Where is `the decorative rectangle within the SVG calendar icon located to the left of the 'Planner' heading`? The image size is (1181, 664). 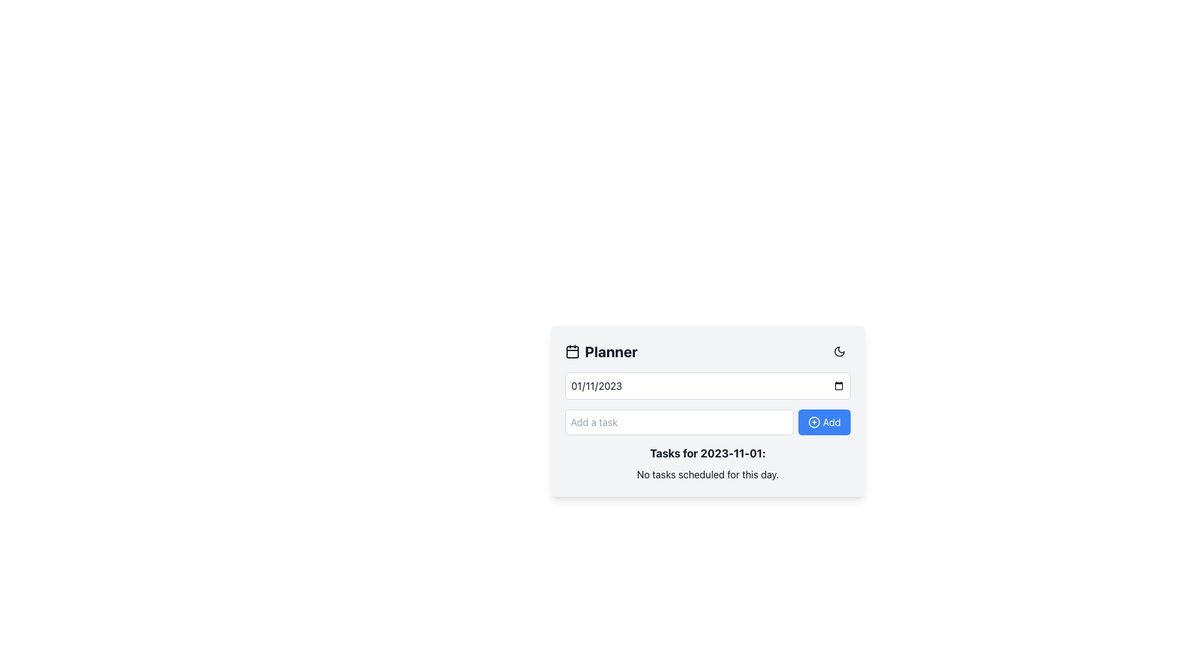 the decorative rectangle within the SVG calendar icon located to the left of the 'Planner' heading is located at coordinates (572, 352).